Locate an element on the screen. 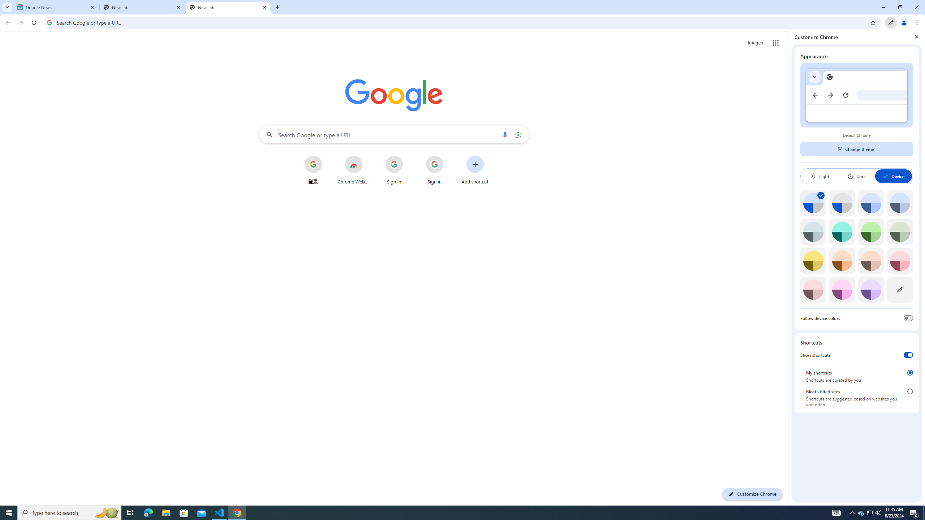 Image resolution: width=925 pixels, height=520 pixels. 'Change theme' is located at coordinates (856, 149).